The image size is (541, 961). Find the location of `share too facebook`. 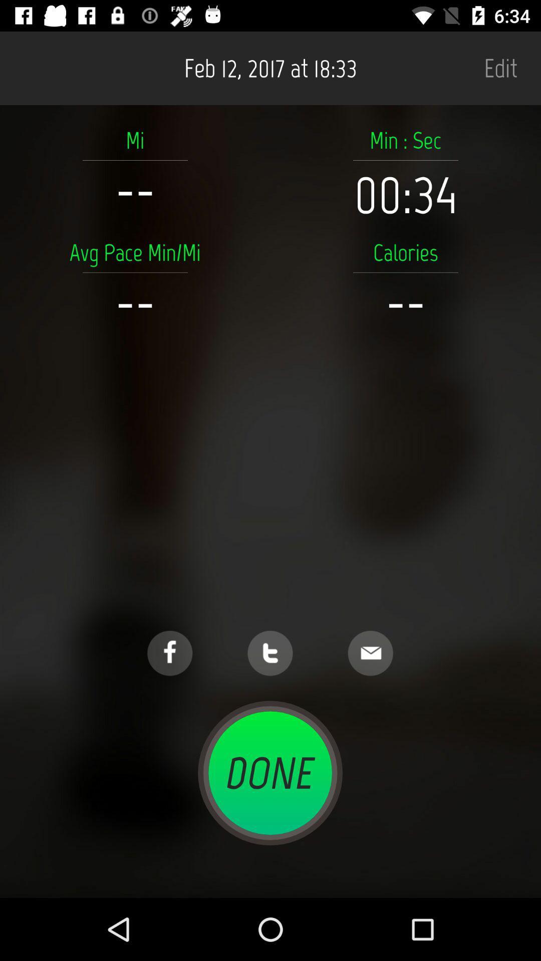

share too facebook is located at coordinates (169, 653).